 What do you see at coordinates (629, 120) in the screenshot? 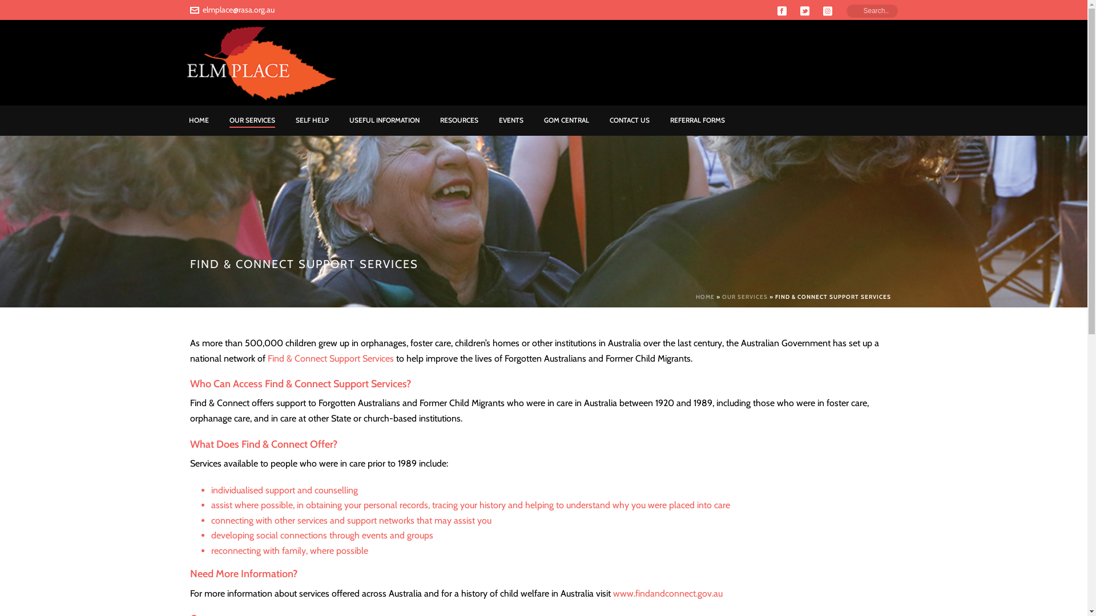
I see `'CONTACT US'` at bounding box center [629, 120].